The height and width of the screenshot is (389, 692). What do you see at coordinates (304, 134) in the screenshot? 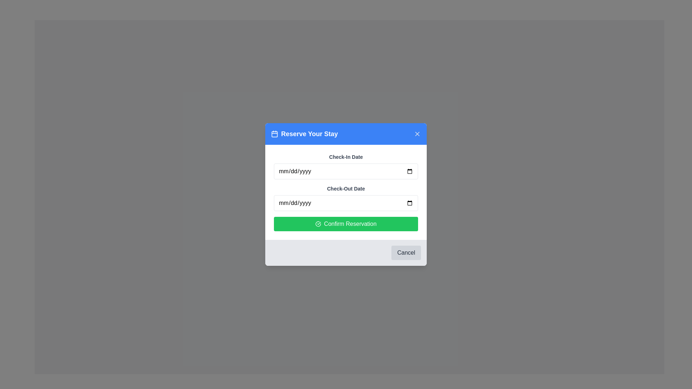
I see `the 'Reserve Your Stay' text block with the calendar icon, which is located at the top-left corner of the blue header bar in the modal dialog` at bounding box center [304, 134].